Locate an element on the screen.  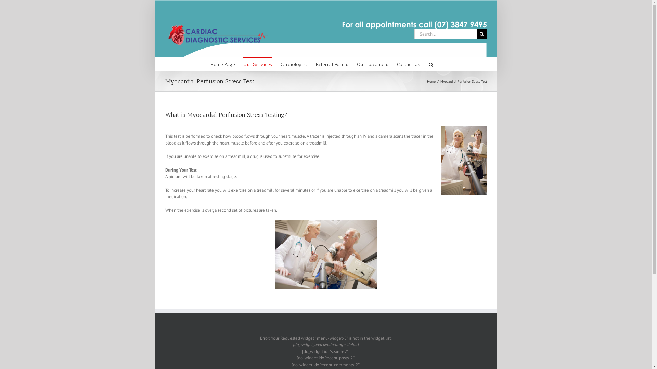
'Referral Forms' is located at coordinates (332, 64).